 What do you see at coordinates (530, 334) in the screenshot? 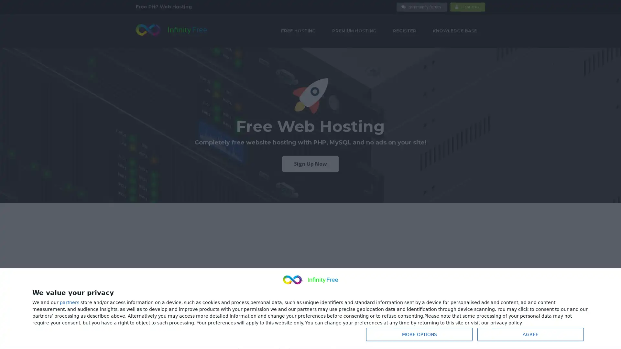
I see `AGREE` at bounding box center [530, 334].